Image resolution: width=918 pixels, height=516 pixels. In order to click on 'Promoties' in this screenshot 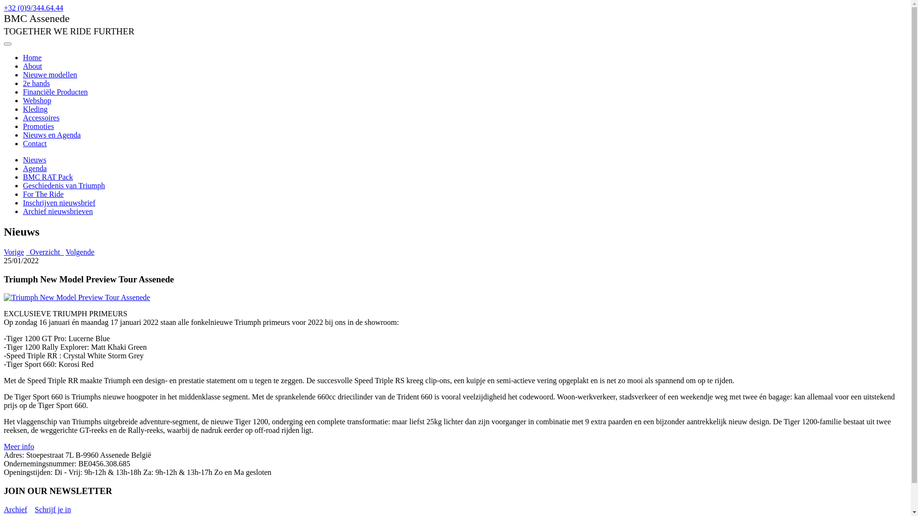, I will do `click(38, 126)`.